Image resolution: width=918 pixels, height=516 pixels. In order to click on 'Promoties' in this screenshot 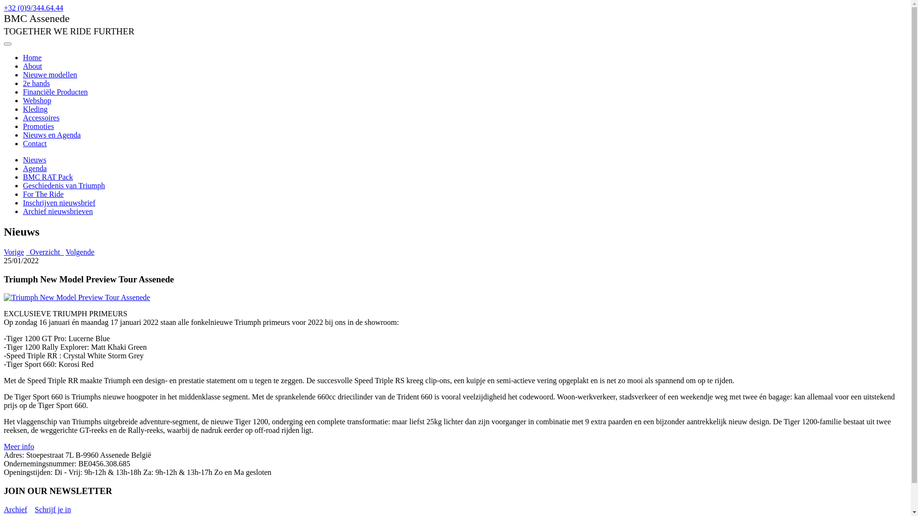, I will do `click(38, 126)`.